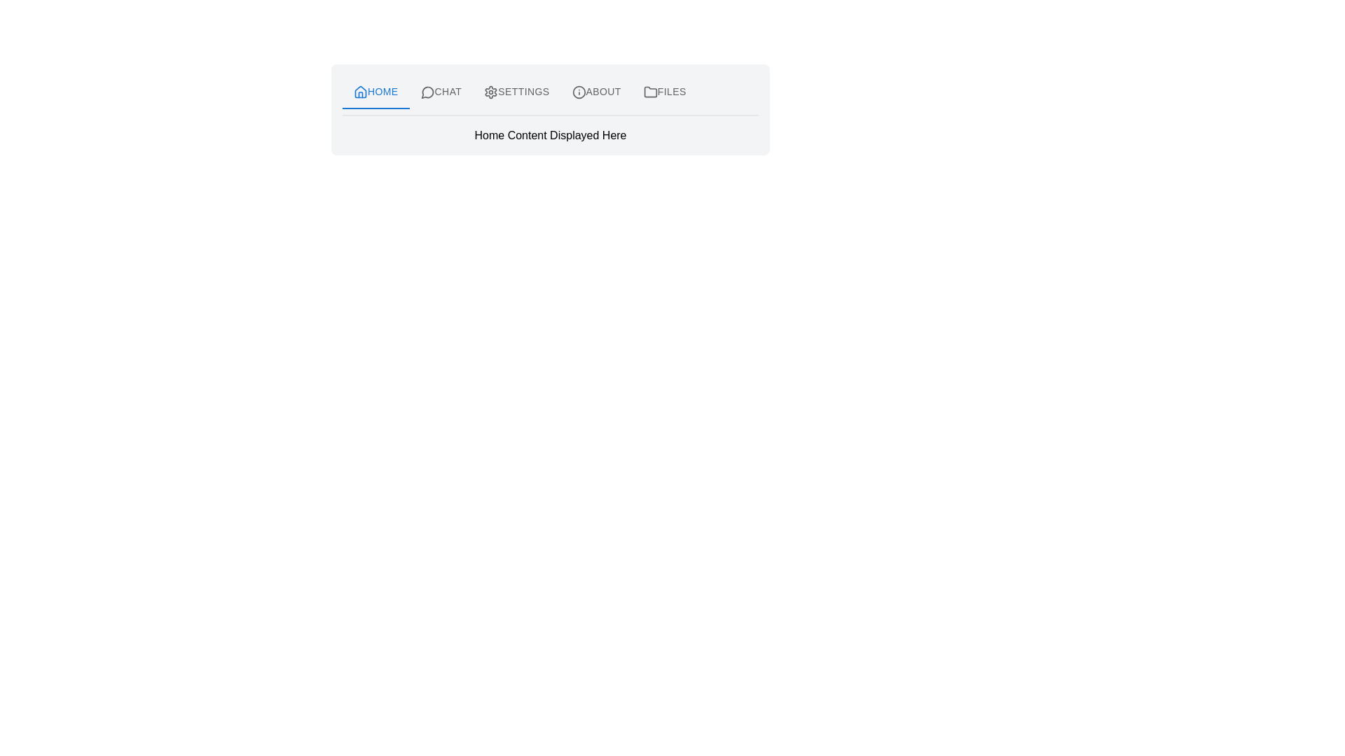 This screenshot has height=756, width=1345. I want to click on the 'Files' tab button, which is the fifth tab in a horizontal list located near the top center of the interface, so click(664, 92).